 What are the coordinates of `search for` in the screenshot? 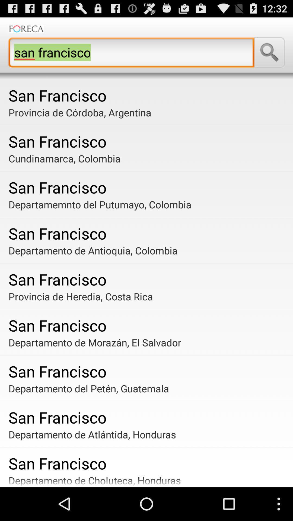 It's located at (269, 52).